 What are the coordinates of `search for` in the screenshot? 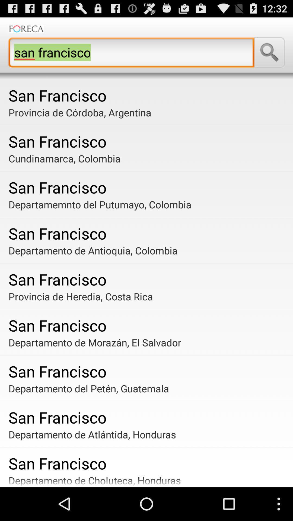 It's located at (269, 52).